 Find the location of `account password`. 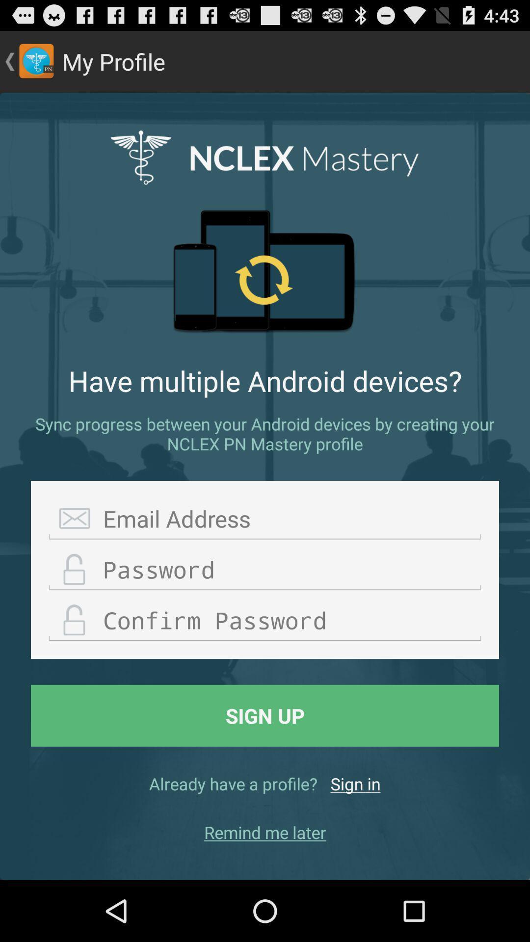

account password is located at coordinates (265, 570).